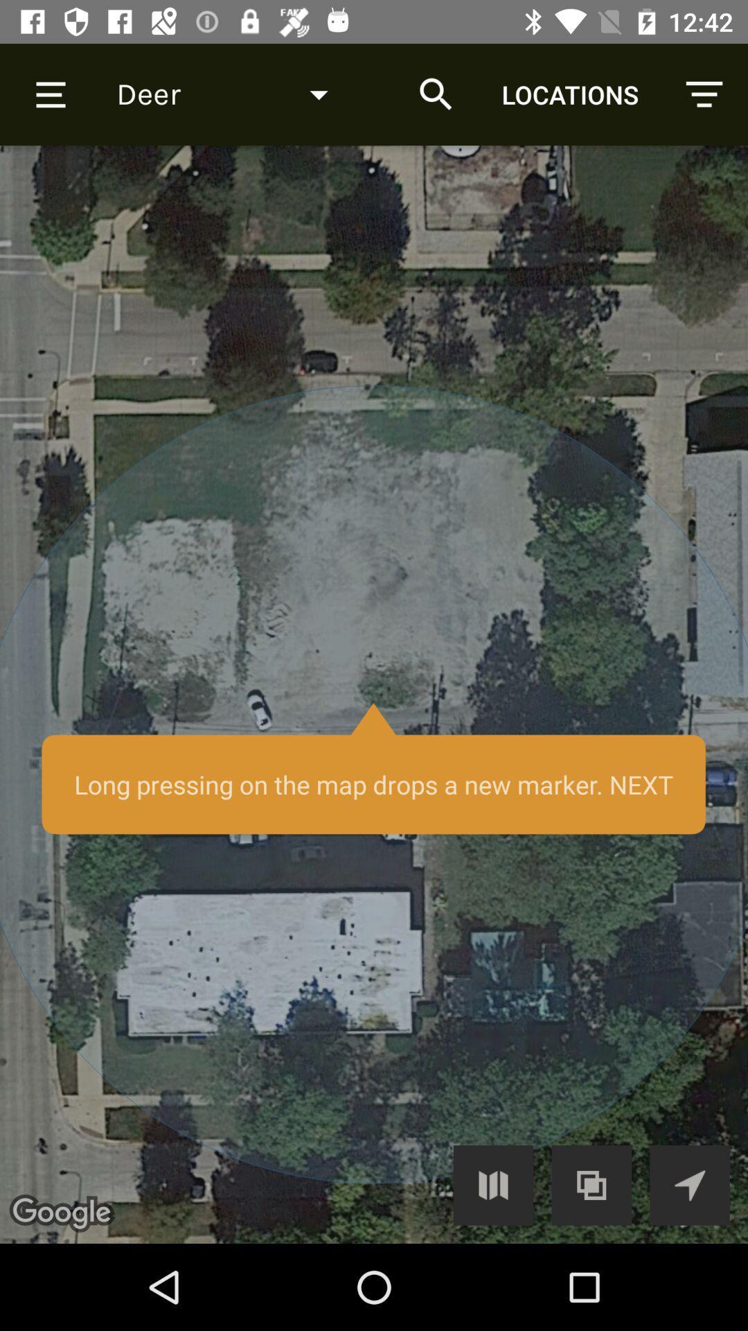 The image size is (748, 1331). Describe the element at coordinates (374, 695) in the screenshot. I see `press for location` at that location.